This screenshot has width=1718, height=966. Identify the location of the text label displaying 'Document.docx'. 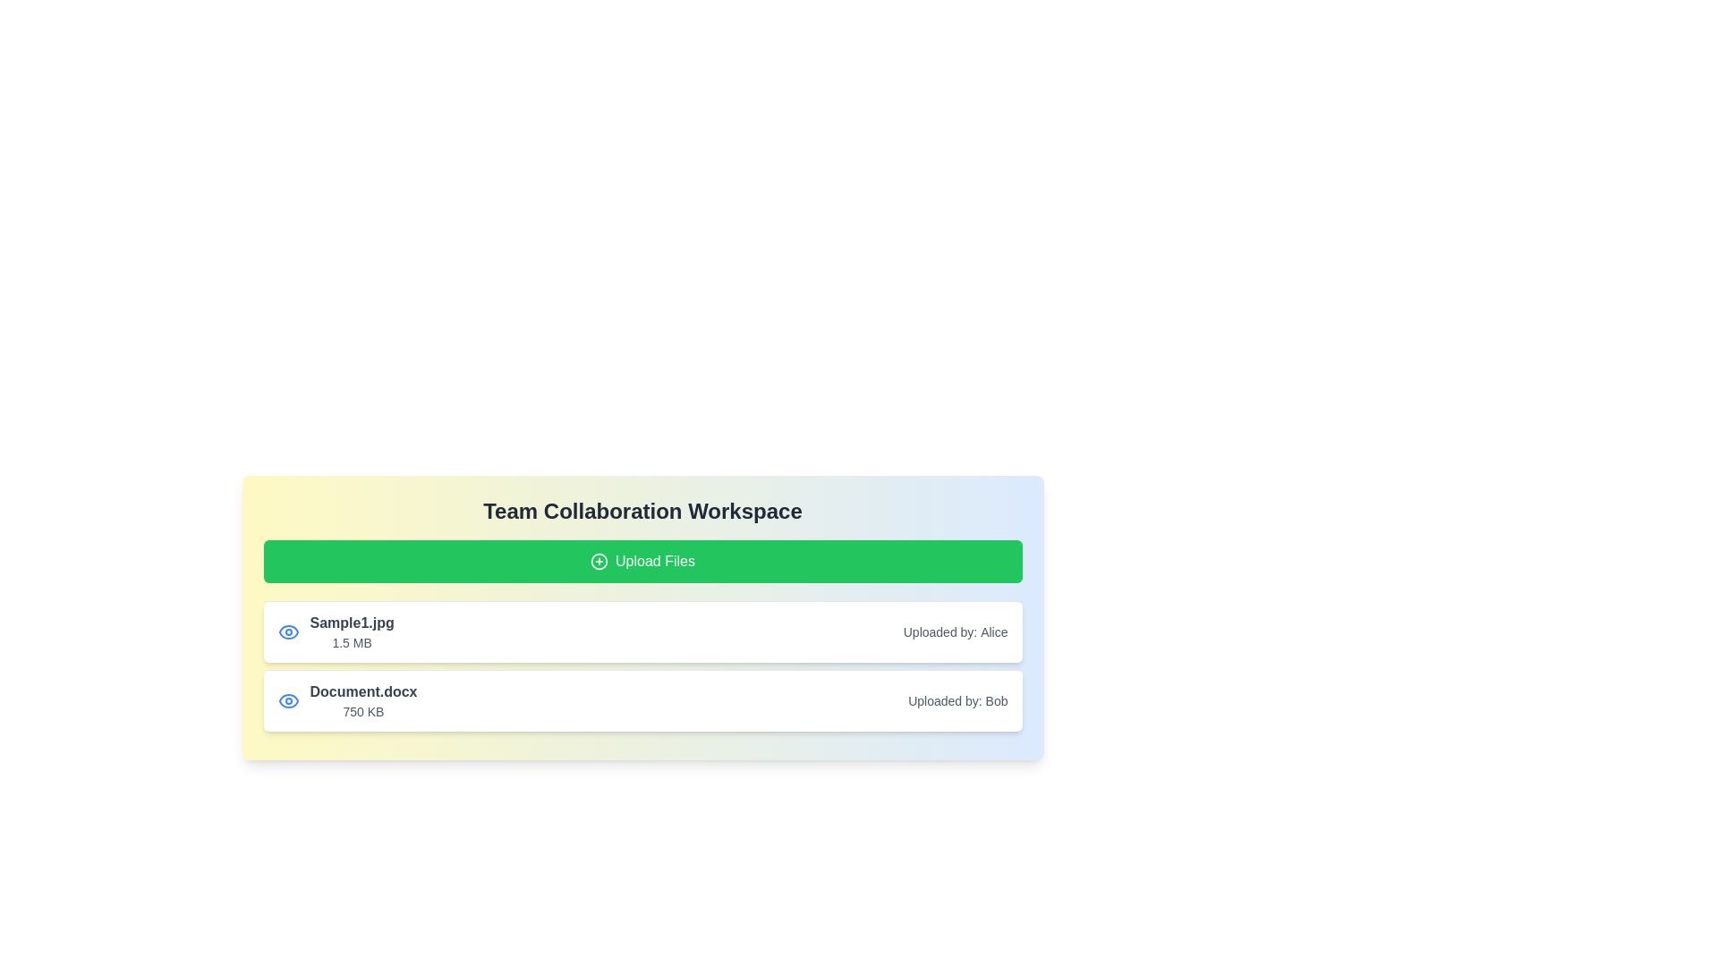
(347, 699).